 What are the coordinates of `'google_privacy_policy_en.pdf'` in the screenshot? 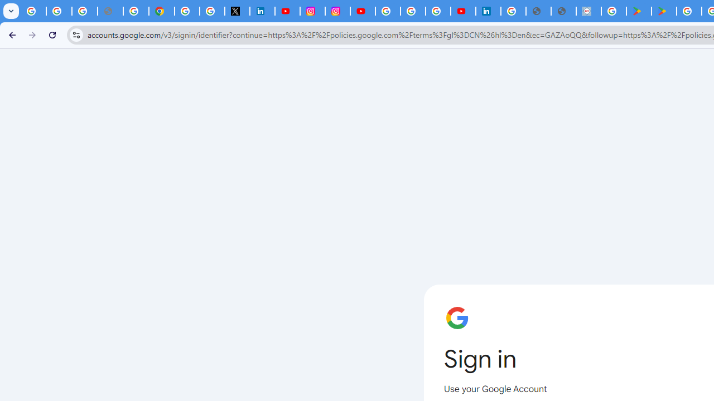 It's located at (538, 11).